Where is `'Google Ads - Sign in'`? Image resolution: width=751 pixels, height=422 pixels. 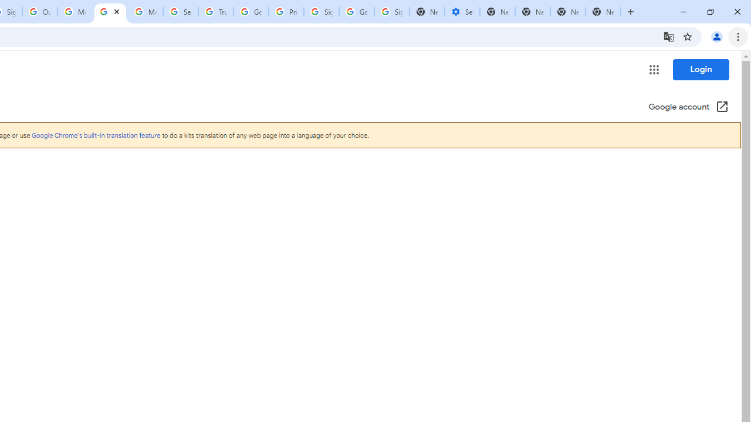 'Google Ads - Sign in' is located at coordinates (251, 12).